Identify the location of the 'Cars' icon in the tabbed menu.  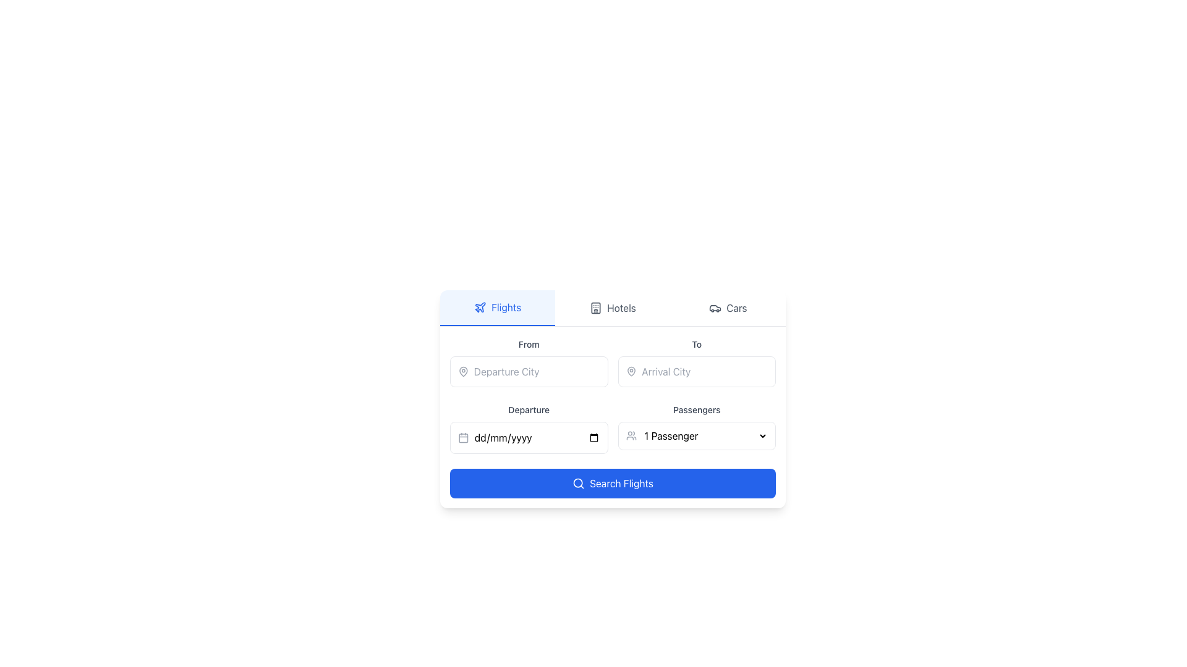
(715, 307).